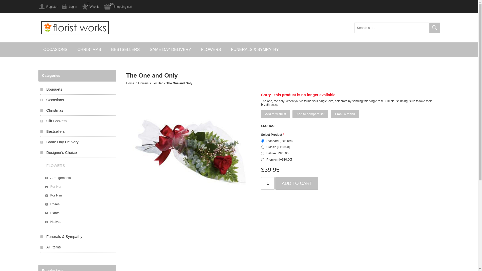 The height and width of the screenshot is (271, 482). What do you see at coordinates (78, 165) in the screenshot?
I see `'FLOWERS'` at bounding box center [78, 165].